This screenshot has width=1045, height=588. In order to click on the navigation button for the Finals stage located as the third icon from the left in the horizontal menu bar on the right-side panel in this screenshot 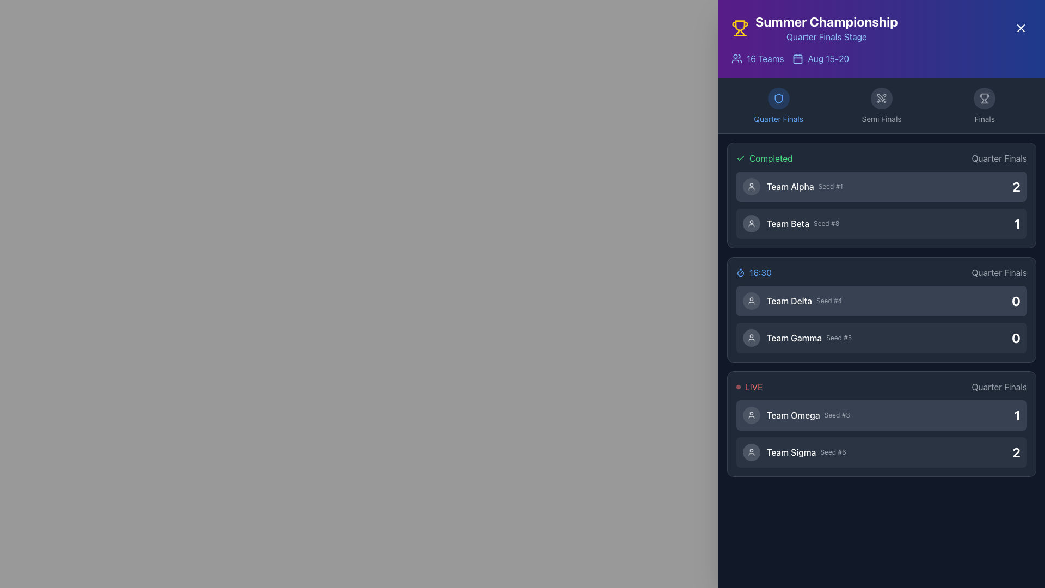, I will do `click(985, 99)`.